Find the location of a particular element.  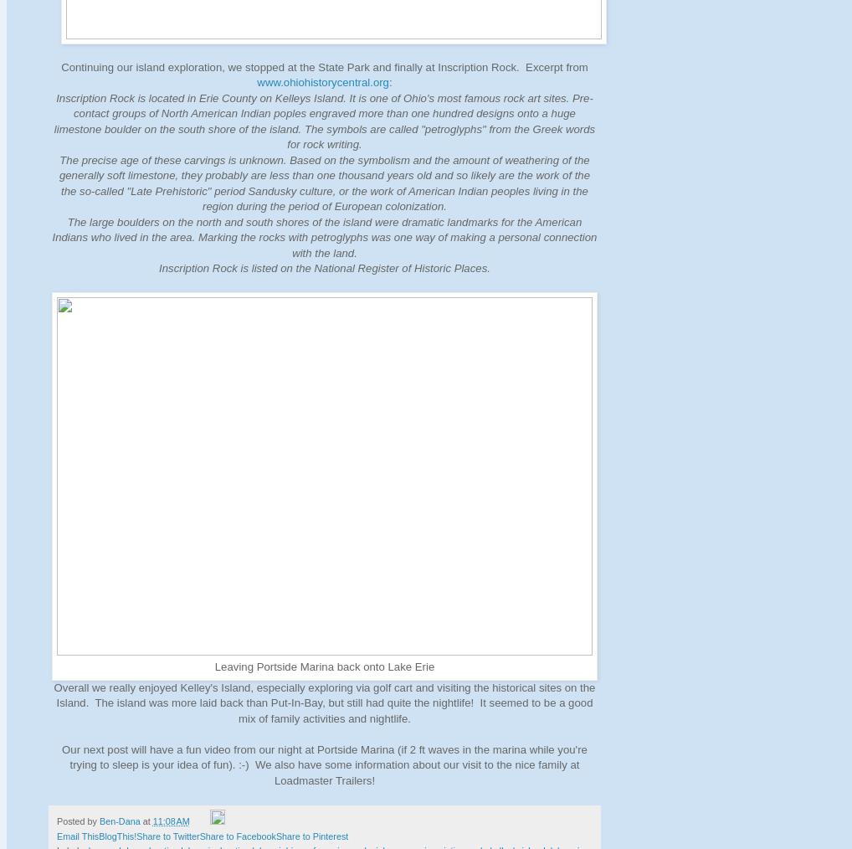

'11:08 AM' is located at coordinates (170, 821).